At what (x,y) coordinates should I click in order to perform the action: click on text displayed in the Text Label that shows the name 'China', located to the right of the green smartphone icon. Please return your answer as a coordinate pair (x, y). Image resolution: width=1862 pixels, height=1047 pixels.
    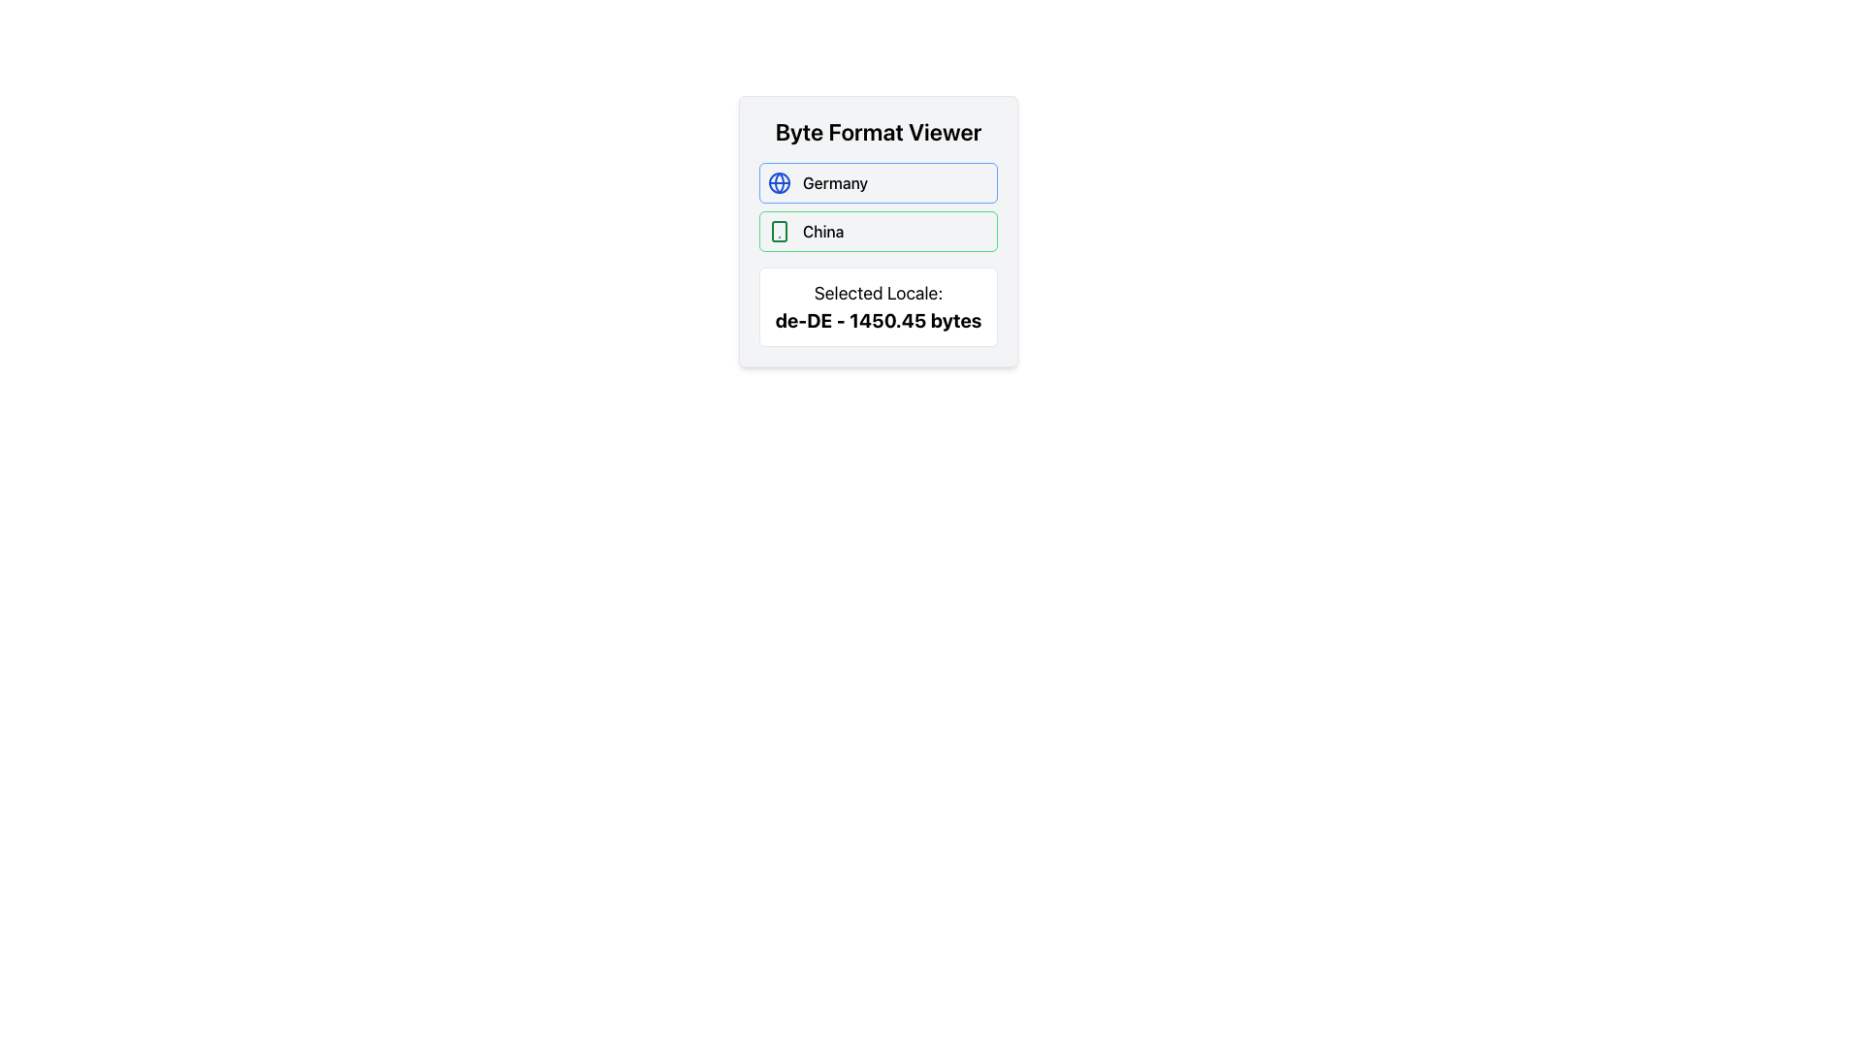
    Looking at the image, I should click on (823, 231).